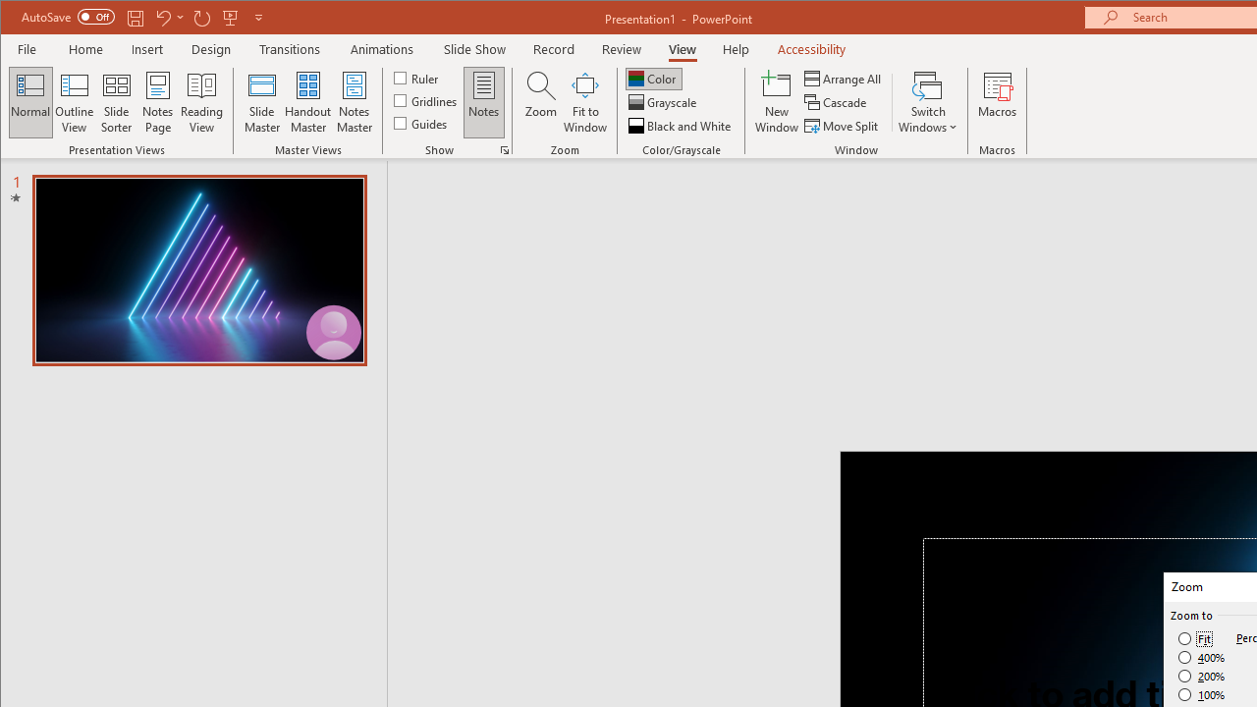 The image size is (1257, 707). What do you see at coordinates (307, 102) in the screenshot?
I see `'Handout Master'` at bounding box center [307, 102].